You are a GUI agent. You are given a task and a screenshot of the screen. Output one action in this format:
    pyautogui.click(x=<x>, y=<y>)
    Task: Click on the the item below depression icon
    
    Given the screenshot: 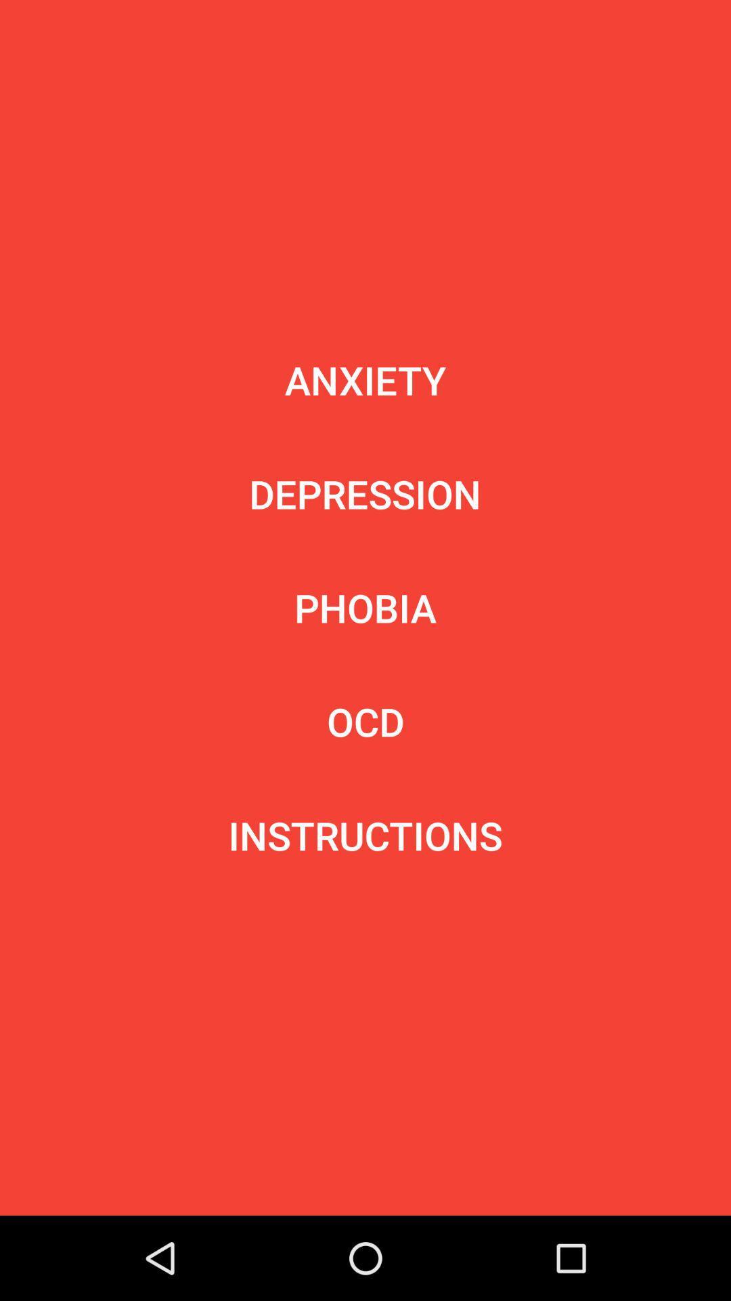 What is the action you would take?
    pyautogui.click(x=365, y=607)
    